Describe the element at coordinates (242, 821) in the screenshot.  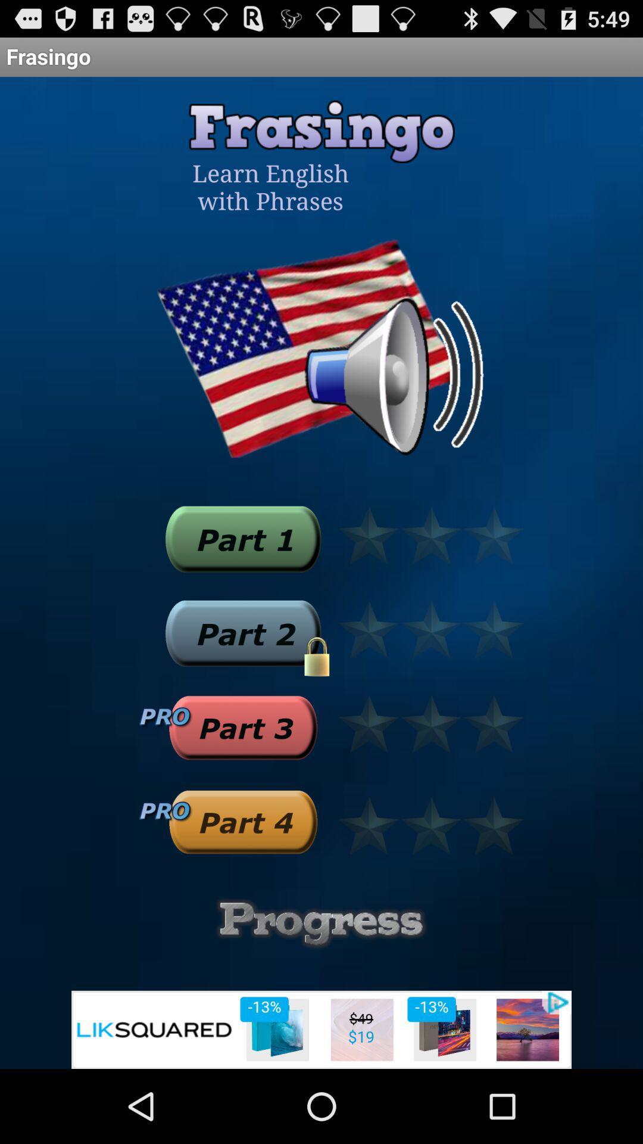
I see `part 4 lessons` at that location.